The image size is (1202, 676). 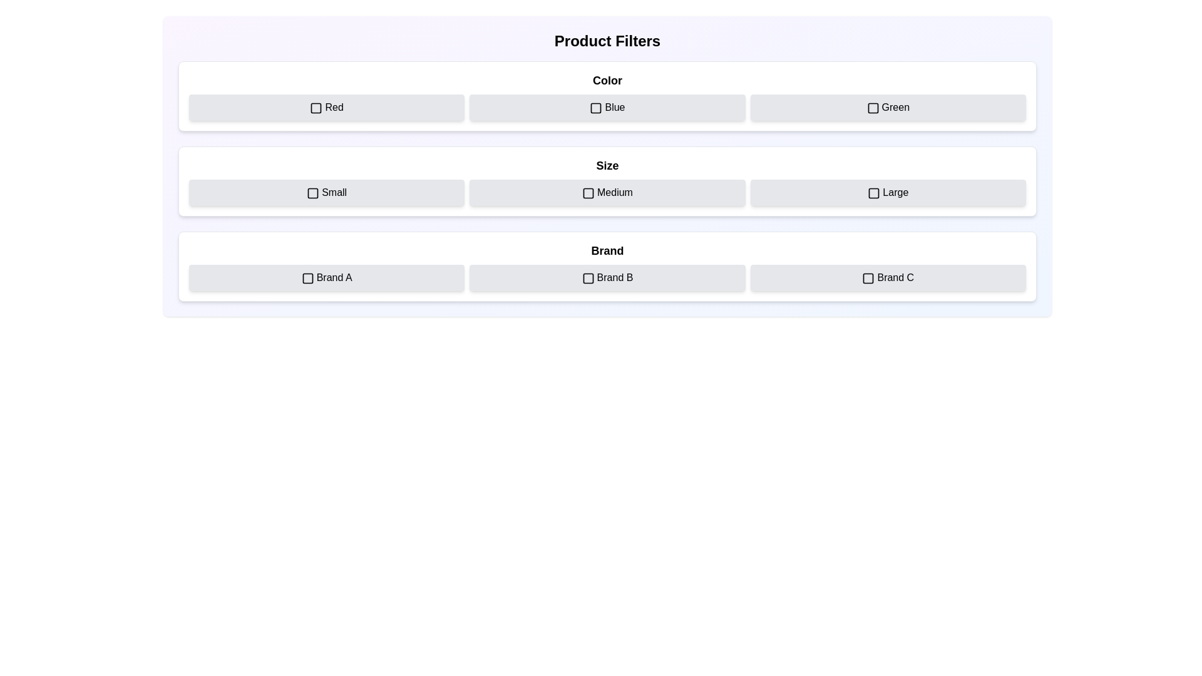 I want to click on the label that serves as a title for the size selection options located in the middle section of the interface, positioned above the 'Small', 'Medium', and 'Large' options, so click(x=607, y=165).